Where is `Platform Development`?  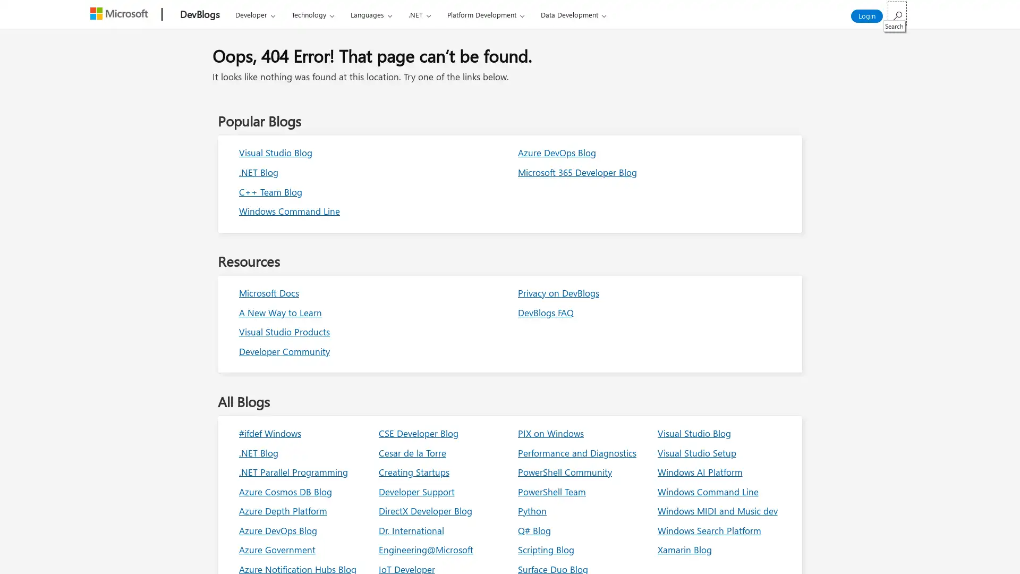
Platform Development is located at coordinates (484, 14).